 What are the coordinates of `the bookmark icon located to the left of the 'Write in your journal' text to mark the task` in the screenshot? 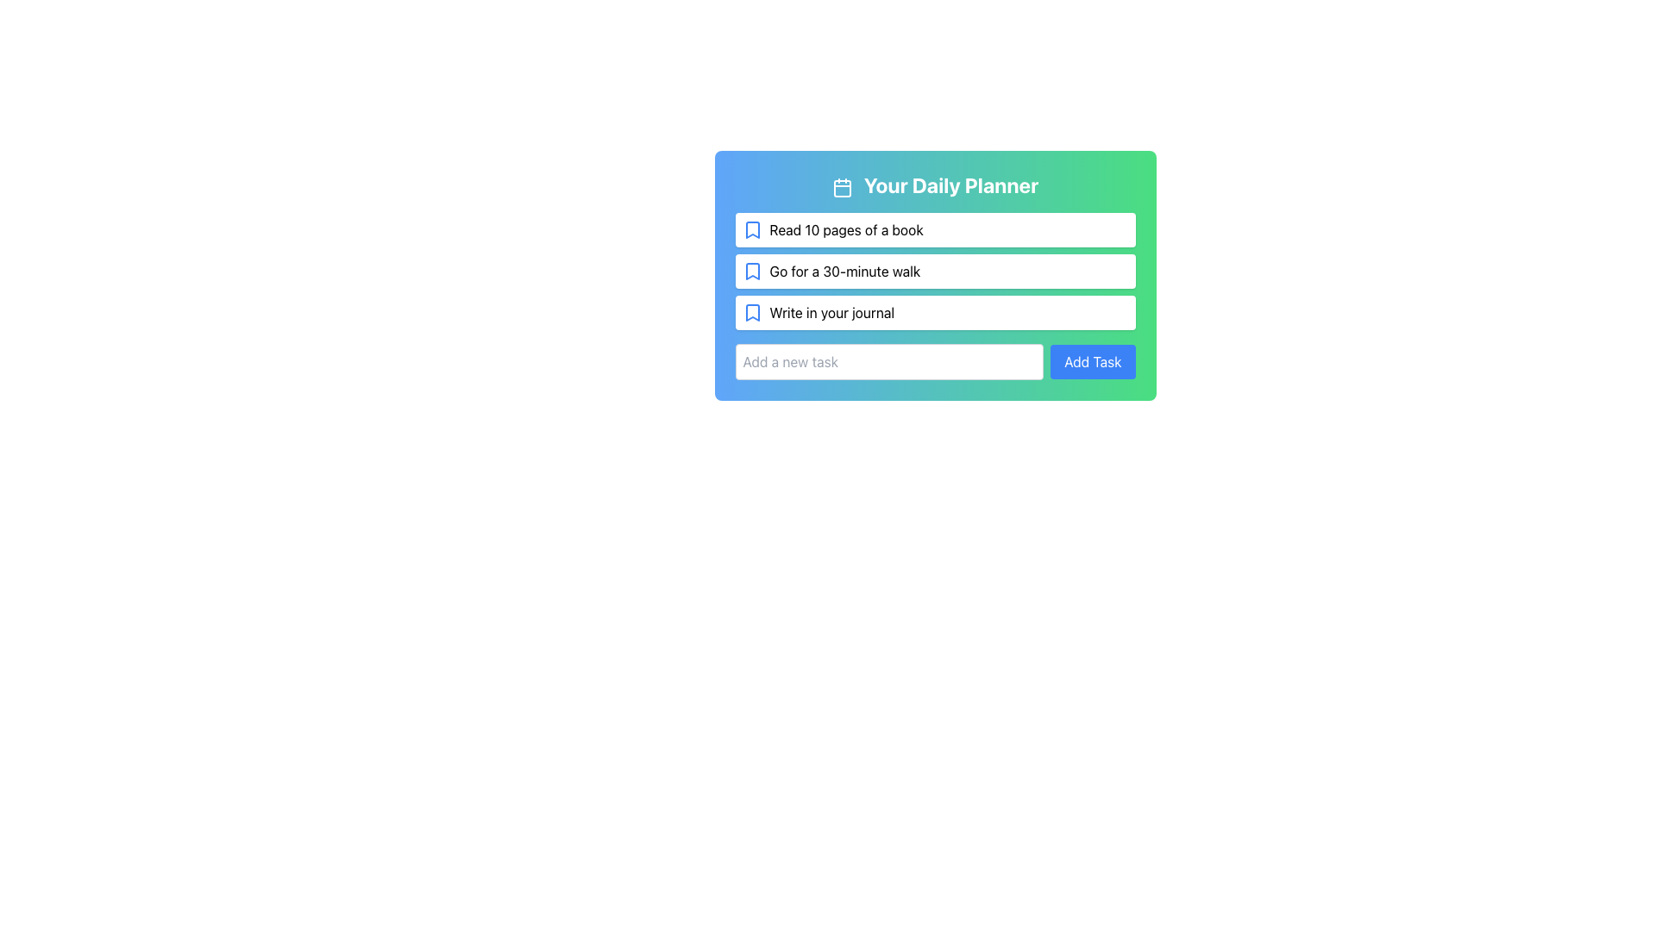 It's located at (752, 312).